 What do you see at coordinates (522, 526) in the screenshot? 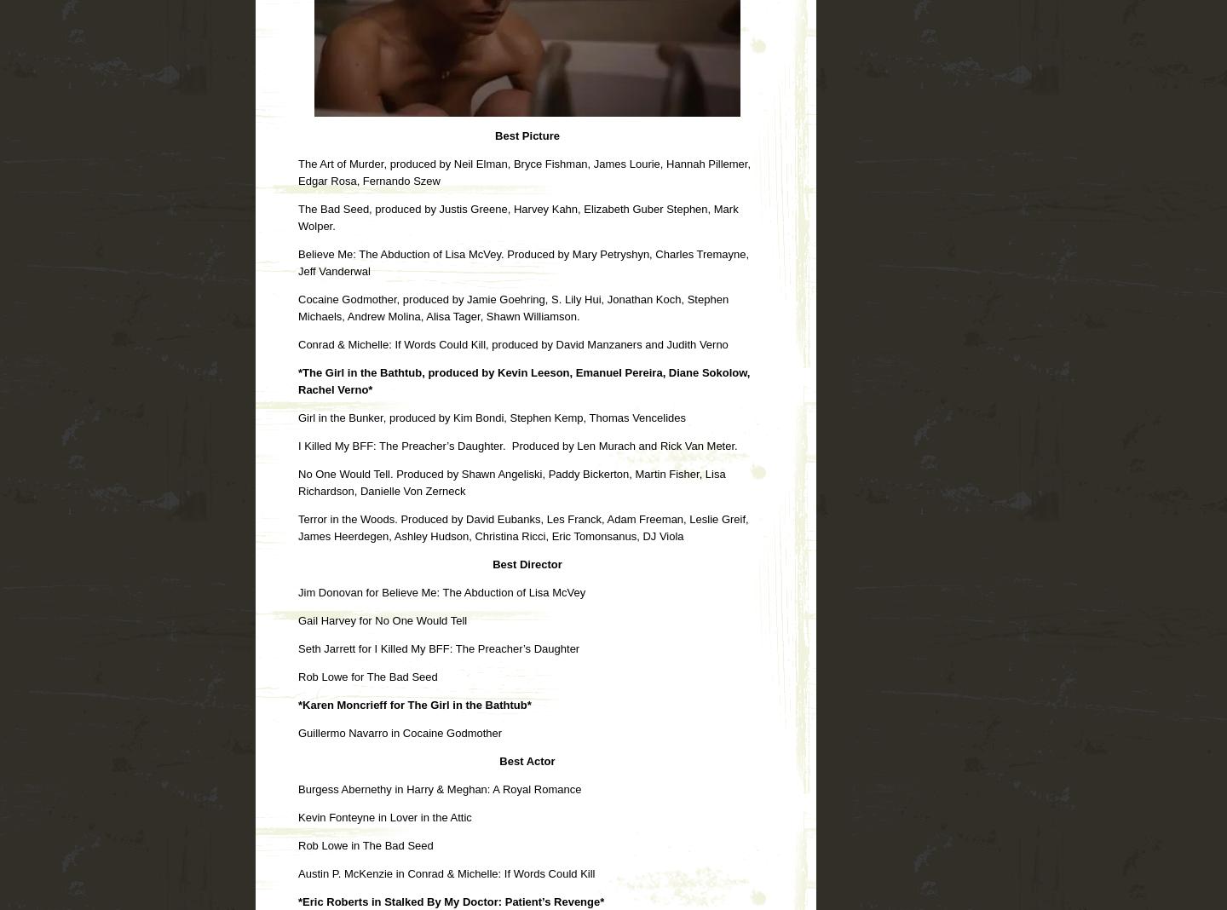
I see `'Terror in the Woods. Produced by David Eubanks, Les Franck, Adam Freeman, Leslie Greif, James Heerdegen, Ashley Hudson, Christina Ricci, Eric Tomonsanus, DJ Viola'` at bounding box center [522, 526].